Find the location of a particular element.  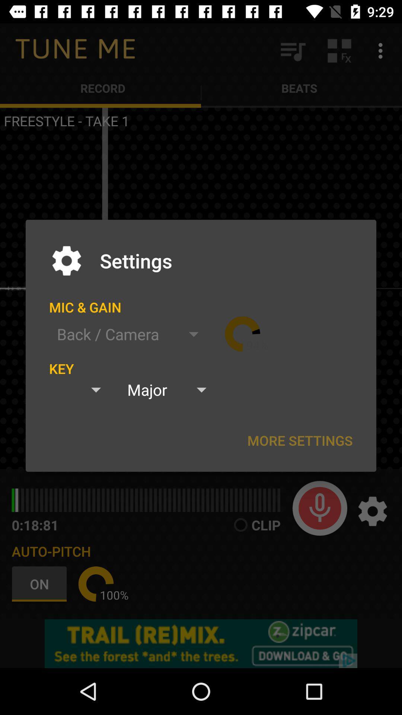

the icon to the right of on item is located at coordinates (96, 584).